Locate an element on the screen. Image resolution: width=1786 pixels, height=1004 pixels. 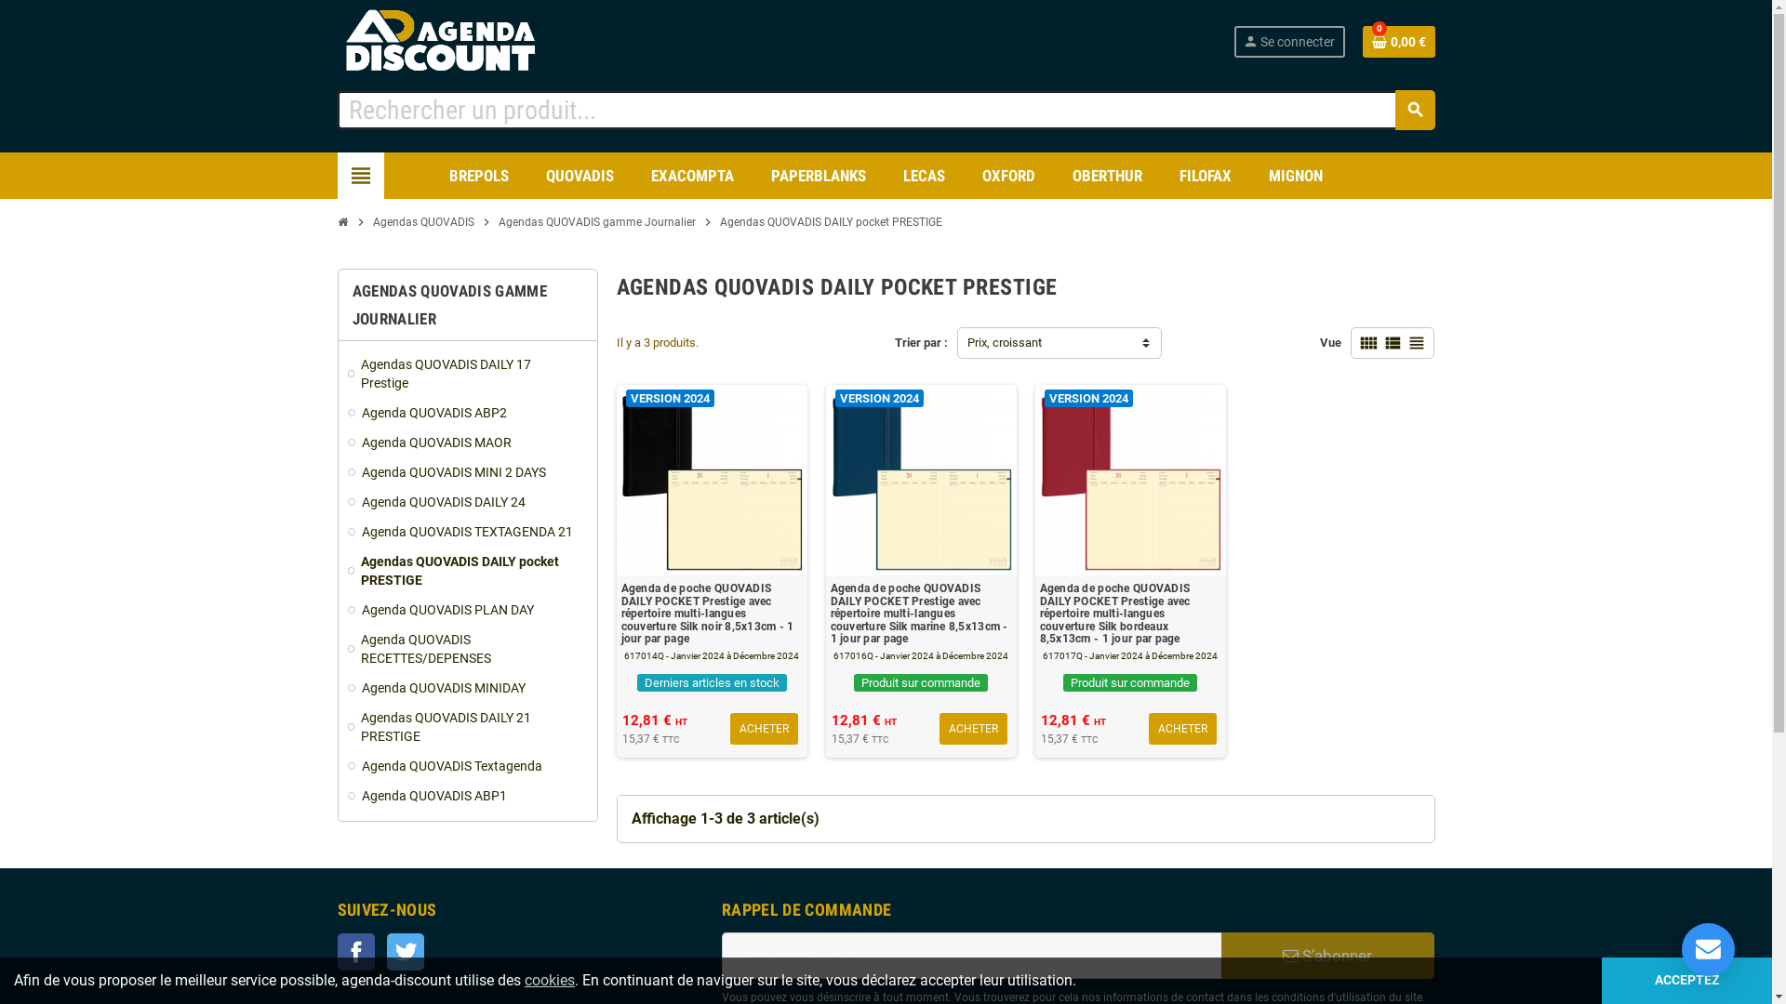
'Facebook' is located at coordinates (355, 951).